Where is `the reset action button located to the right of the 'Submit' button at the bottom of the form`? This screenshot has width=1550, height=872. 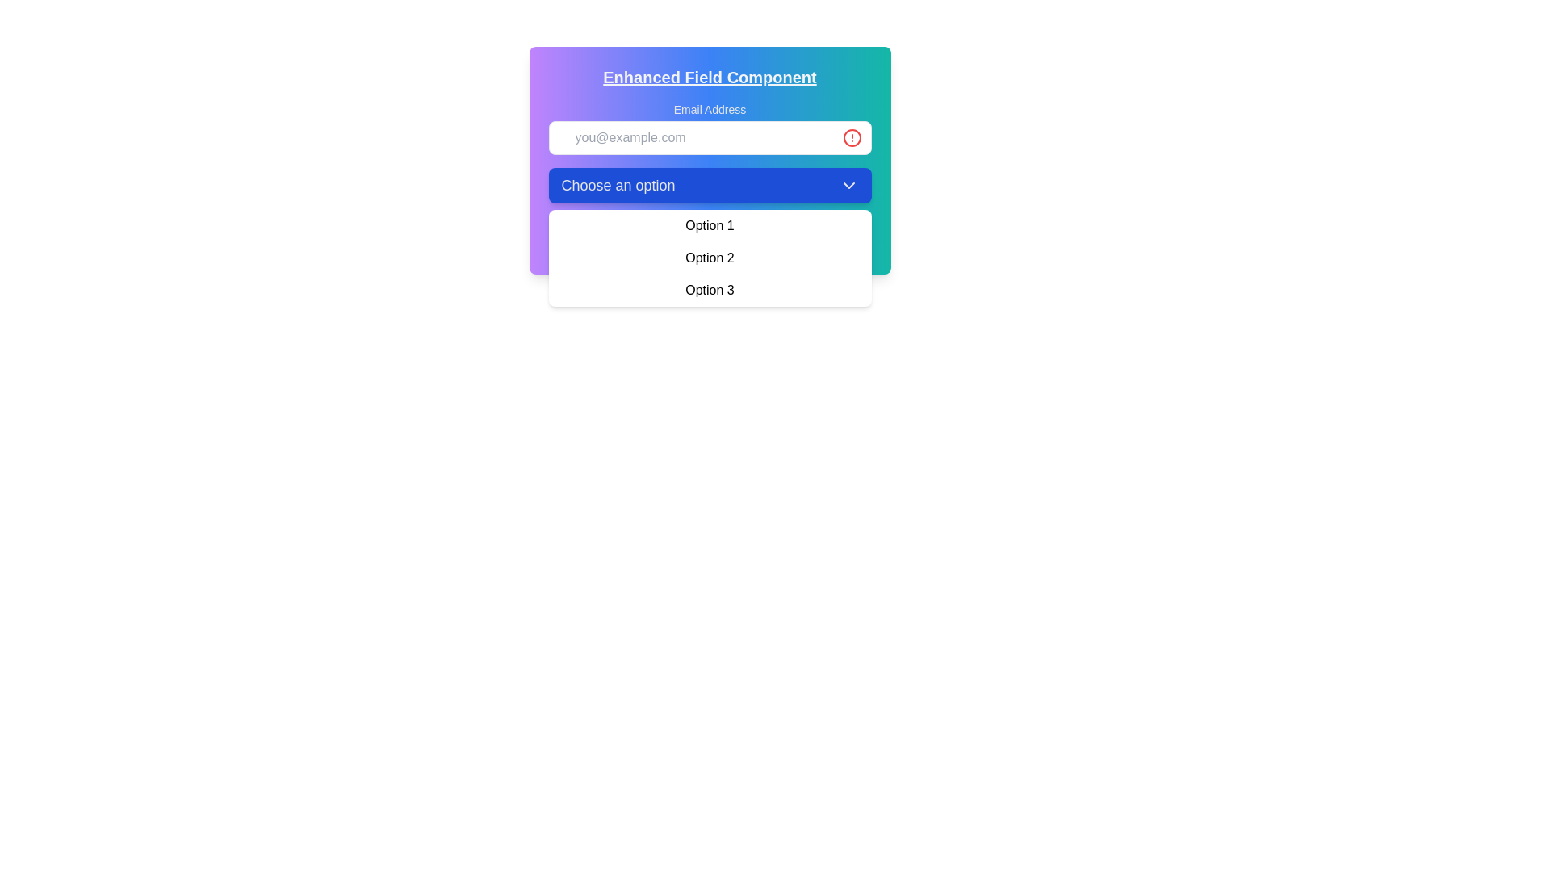
the reset action button located to the right of the 'Submit' button at the bottom of the form is located at coordinates (748, 239).